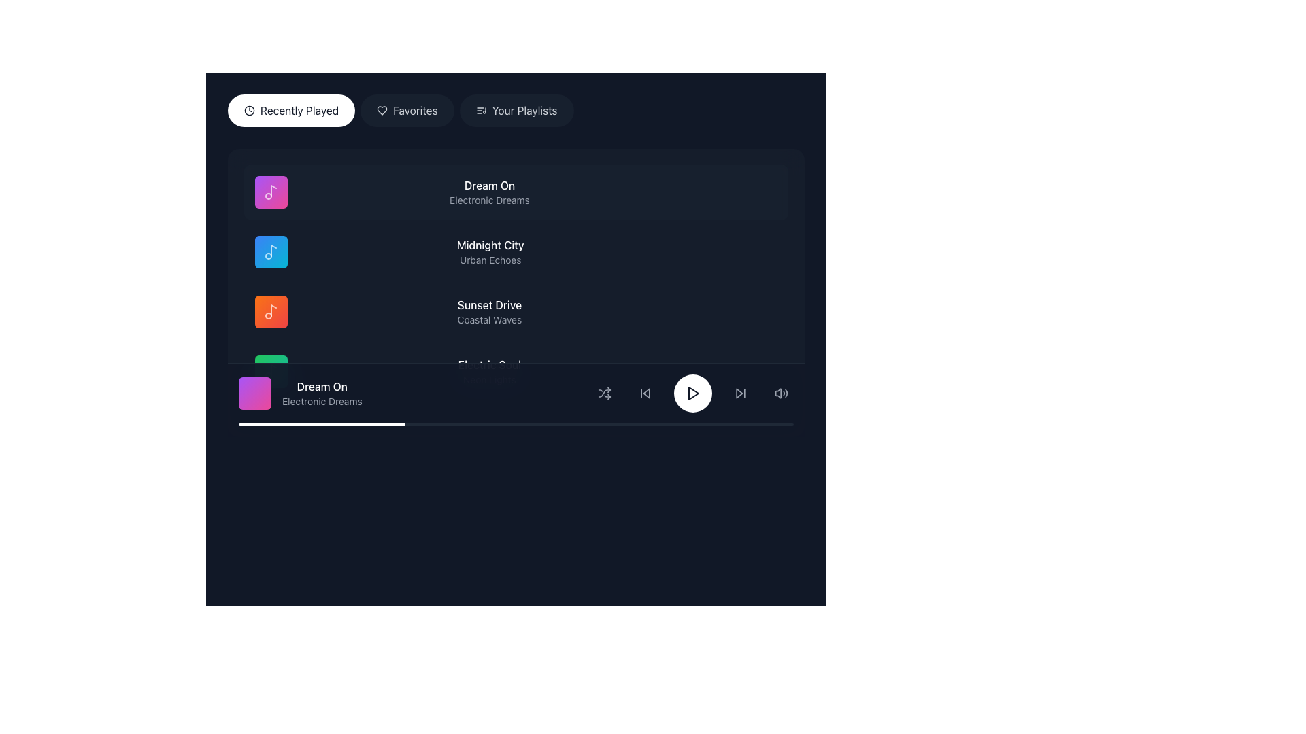 The width and height of the screenshot is (1306, 734). Describe the element at coordinates (490, 319) in the screenshot. I see `the subtitle text providing descriptive information about the item 'Sunset Drive', positioned directly beneath its title` at that location.